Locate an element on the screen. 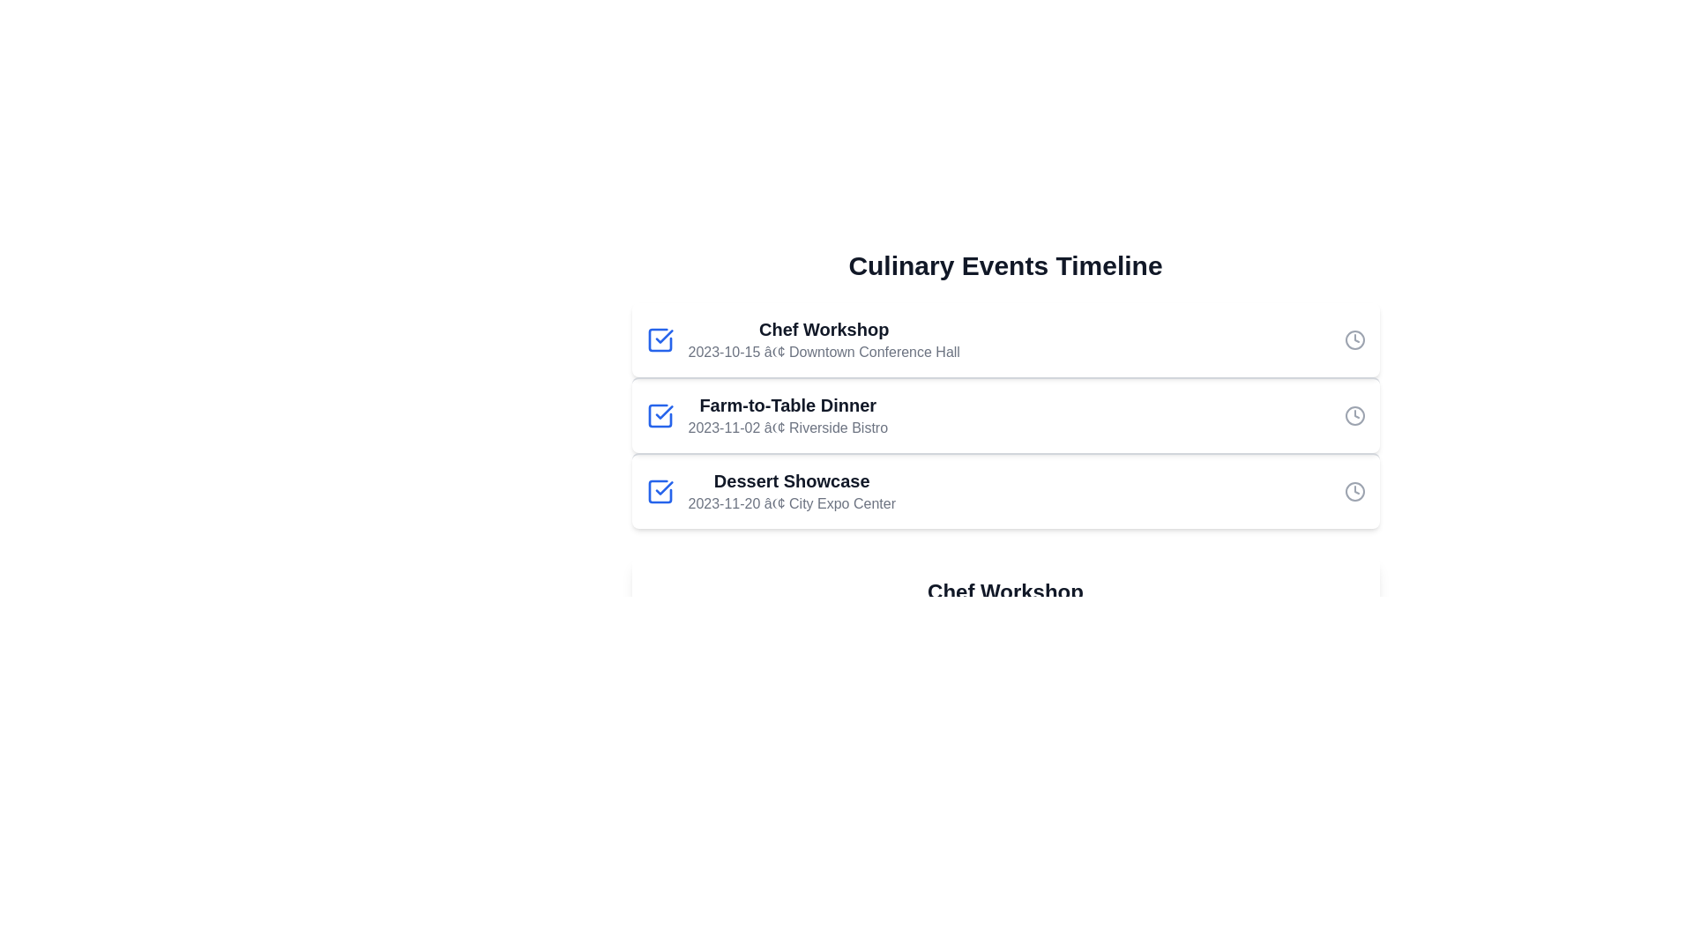 This screenshot has height=952, width=1693. the text label displaying 'Dessert Showcase' followed by the date '2023-11-20 • City Expo Center', located within the third event item in the list is located at coordinates (771, 492).